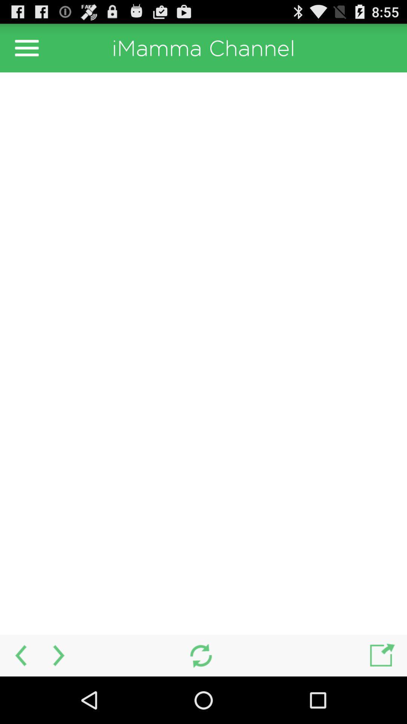 The height and width of the screenshot is (724, 407). What do you see at coordinates (26, 48) in the screenshot?
I see `menu` at bounding box center [26, 48].